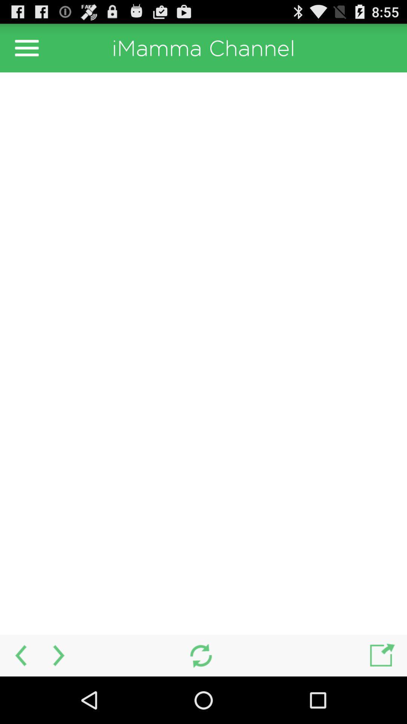 The height and width of the screenshot is (724, 407). What do you see at coordinates (26, 48) in the screenshot?
I see `menu` at bounding box center [26, 48].